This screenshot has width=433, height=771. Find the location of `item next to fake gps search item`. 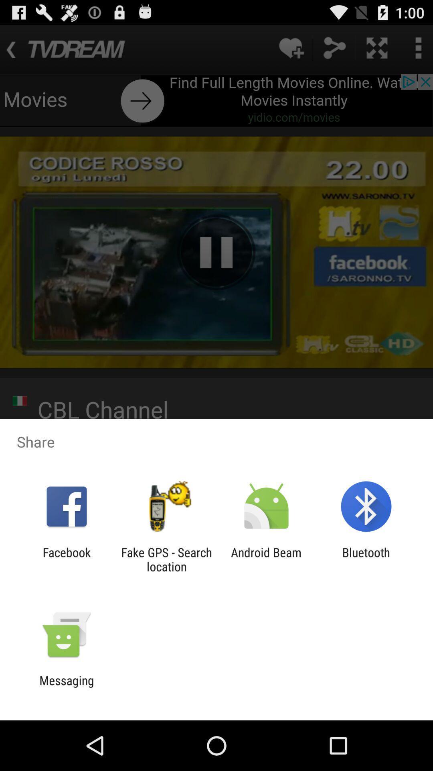

item next to fake gps search item is located at coordinates (266, 559).